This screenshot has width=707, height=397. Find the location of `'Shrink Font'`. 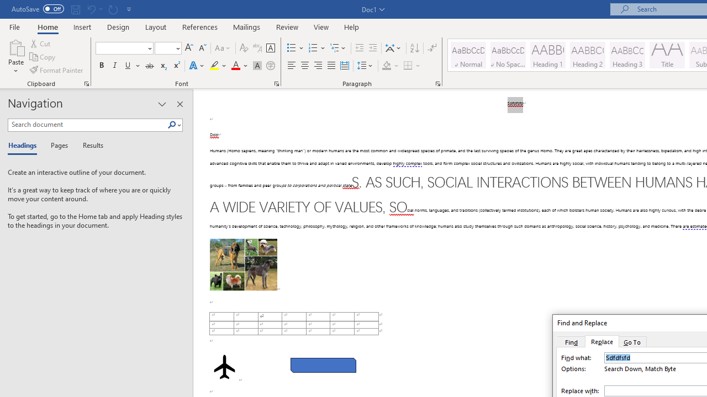

'Shrink Font' is located at coordinates (202, 47).